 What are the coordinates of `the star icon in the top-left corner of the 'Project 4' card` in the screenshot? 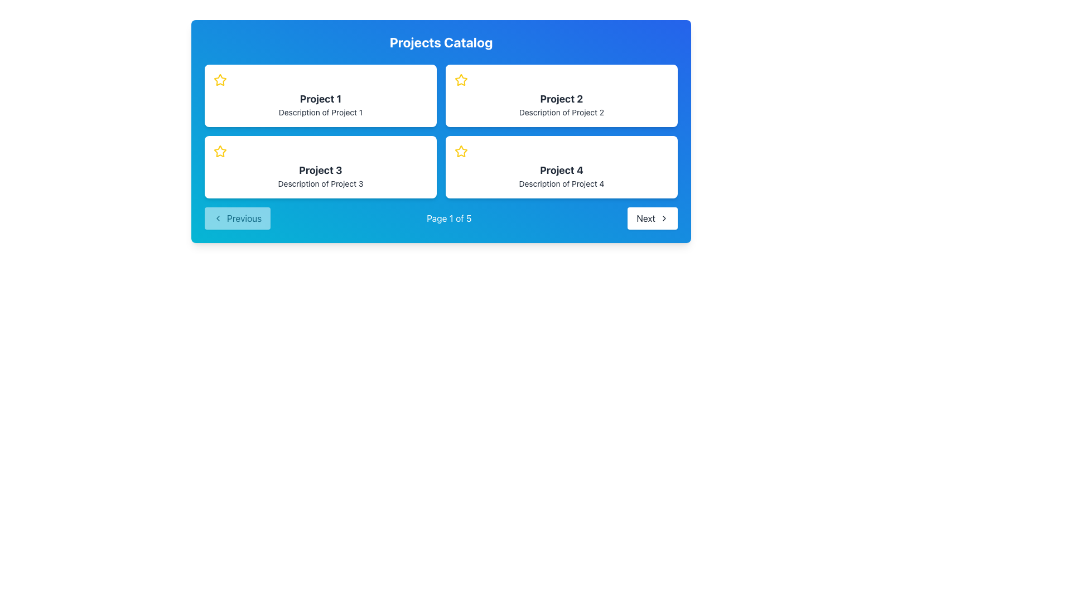 It's located at (461, 152).